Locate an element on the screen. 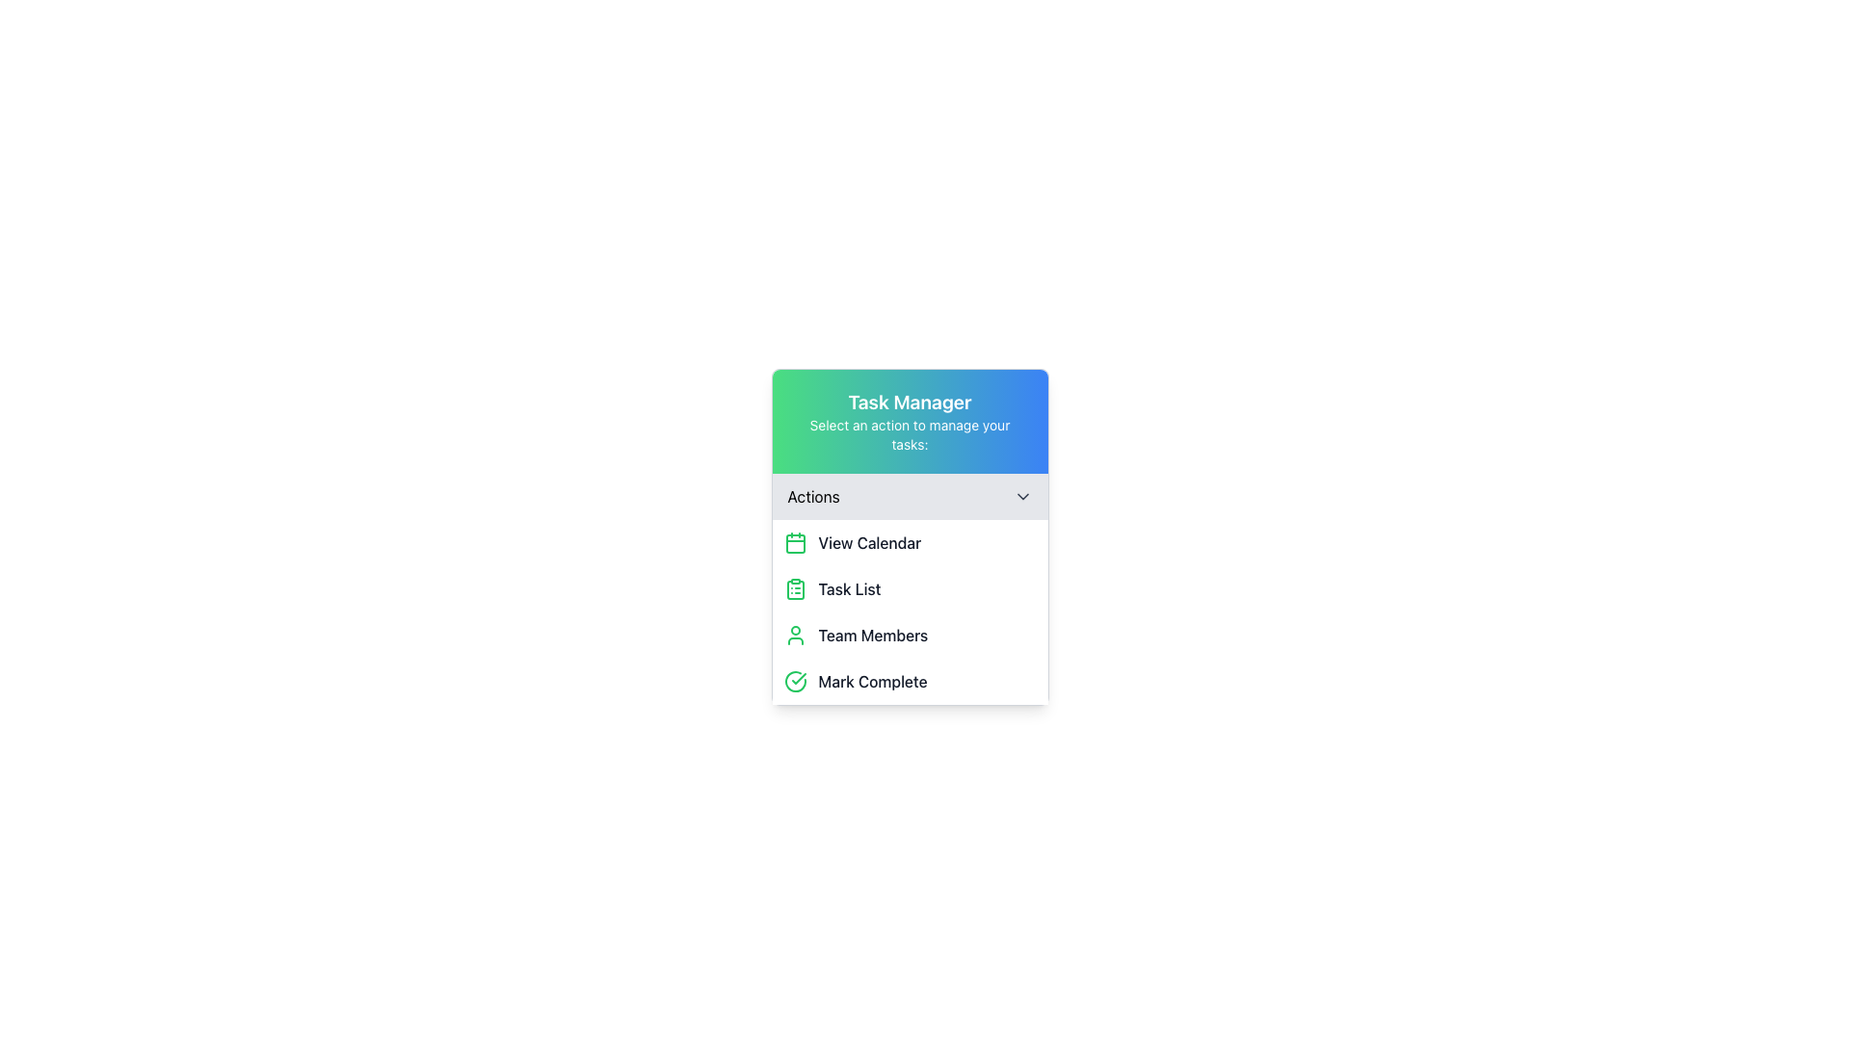  the first clickable list item in the 'Task Manager' pop-up menu, located under the 'Actions' heading is located at coordinates (909, 542).